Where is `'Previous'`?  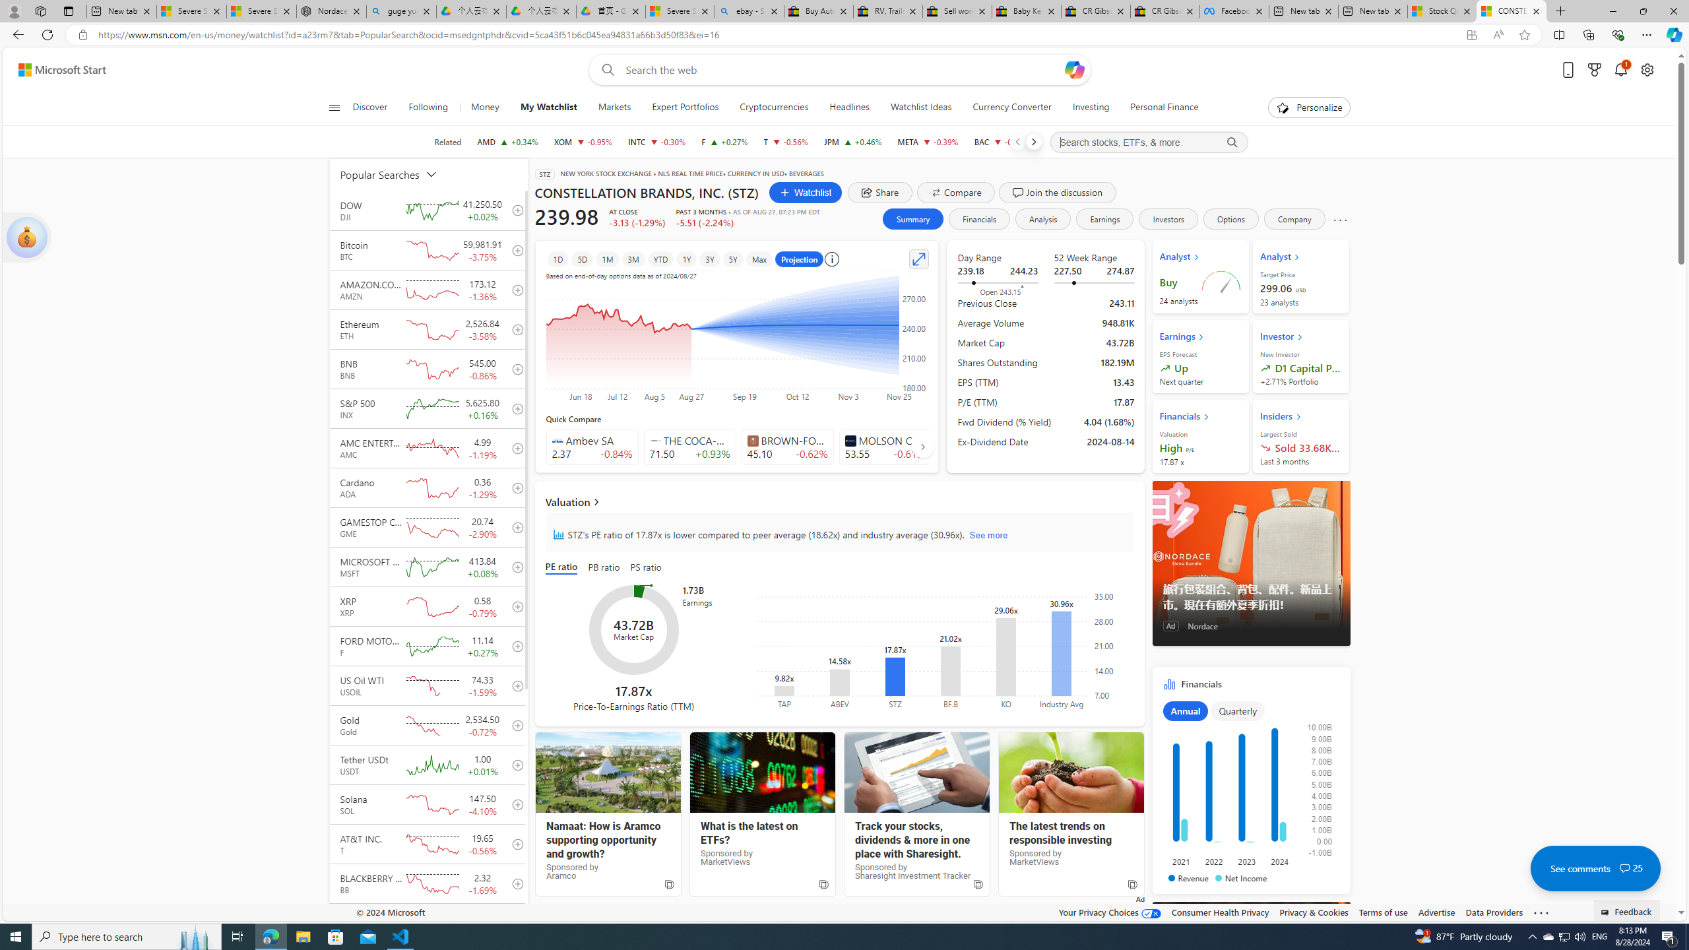
'Previous' is located at coordinates (1017, 141).